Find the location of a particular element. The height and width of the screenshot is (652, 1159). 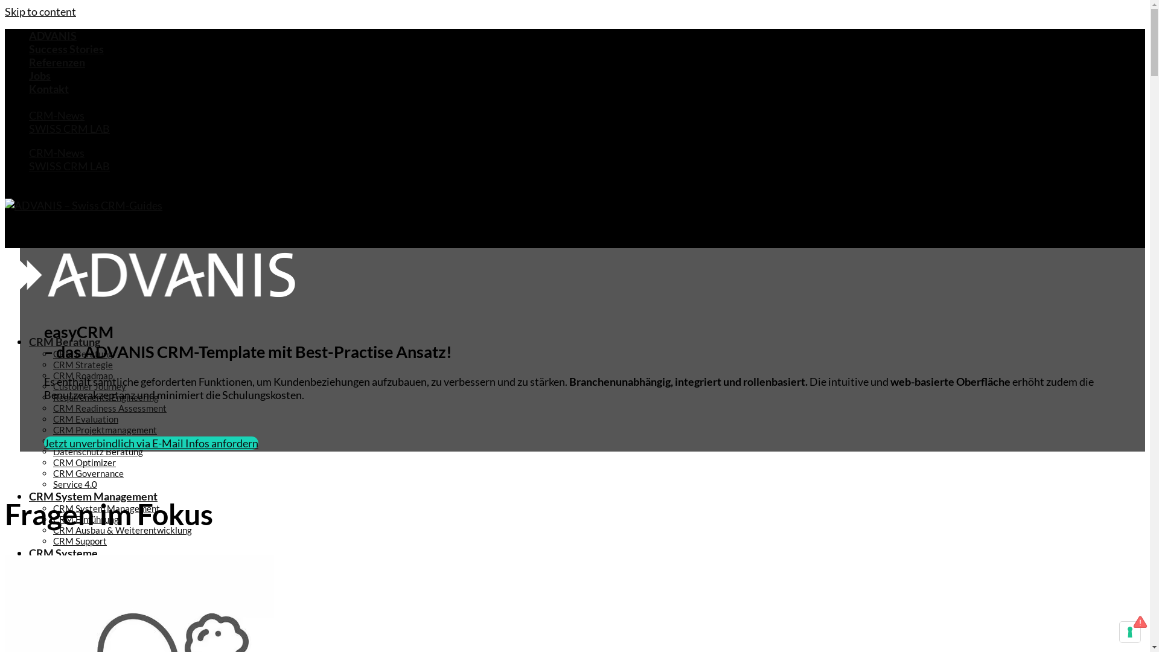

'Jetzt unverbindlich via E-Mail Infos anfordern' is located at coordinates (150, 443).